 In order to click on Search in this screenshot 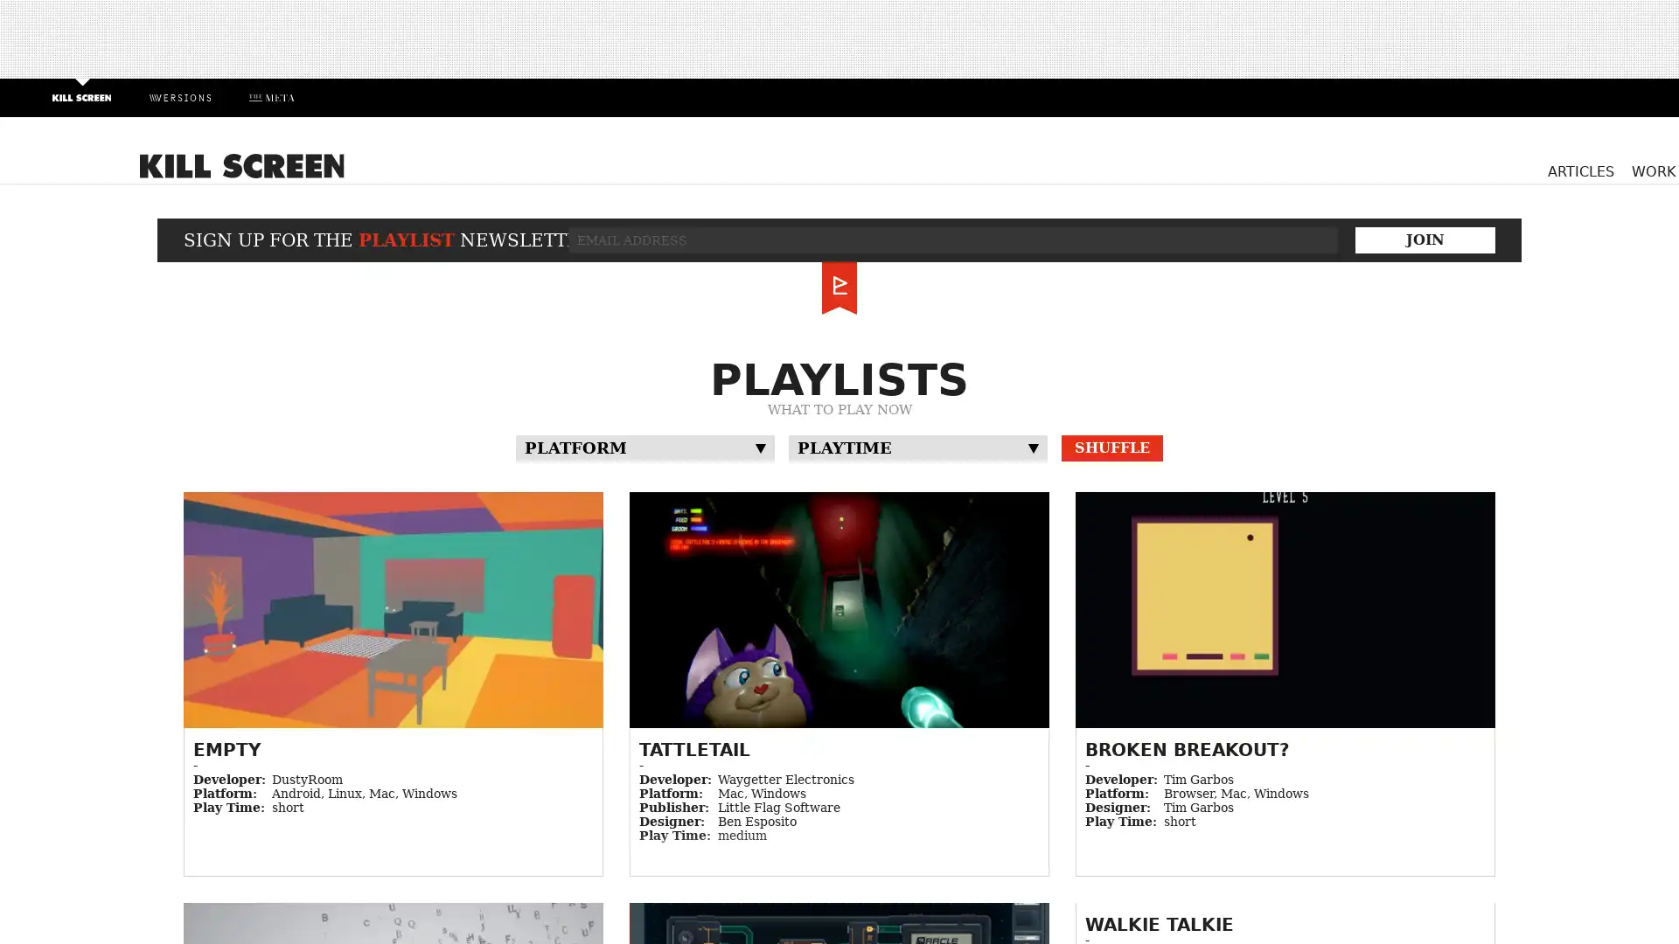, I will do `click(1453, 170)`.